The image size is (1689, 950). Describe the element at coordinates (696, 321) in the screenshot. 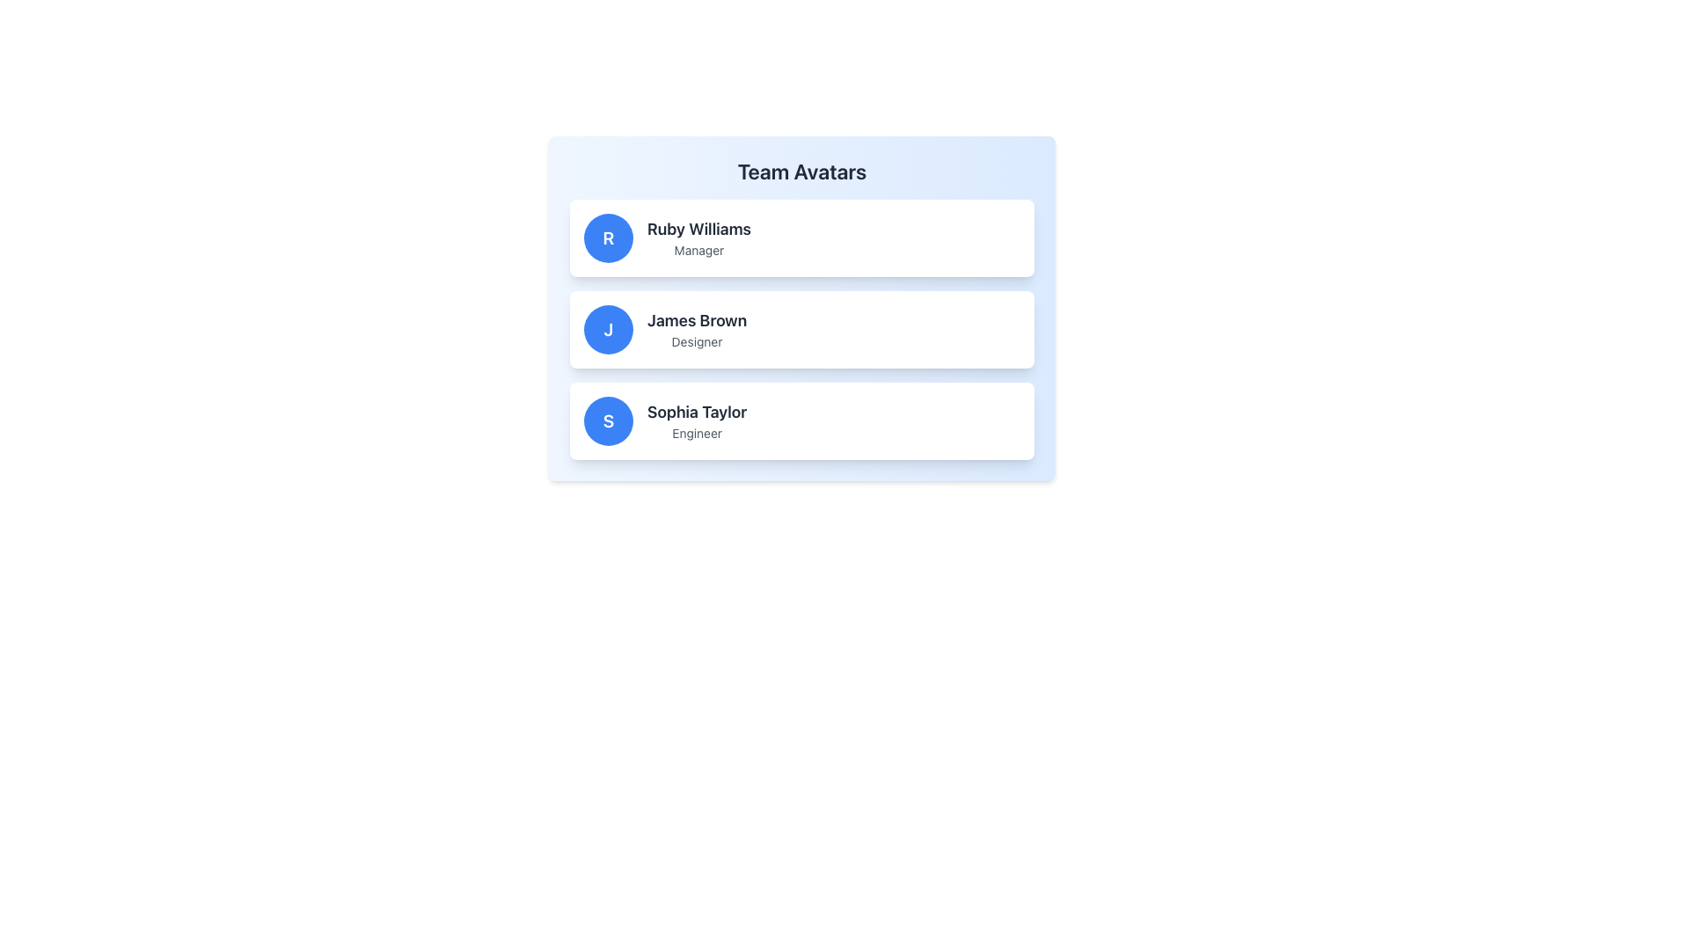

I see `the text label that indicates the name of an individual within the second card of a vertical list of three, which serves as a primary title for a team member` at that location.